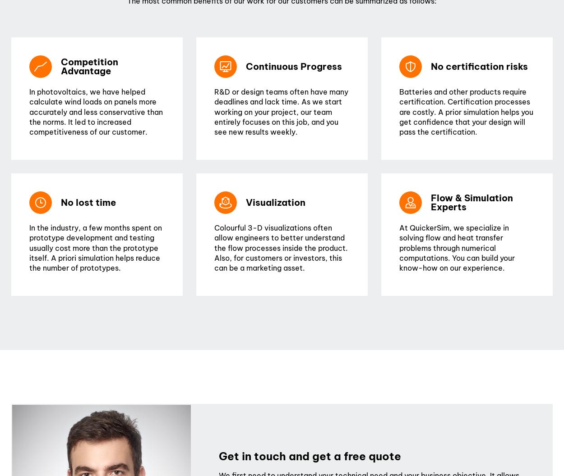 The image size is (564, 476). I want to click on 'Get in touch and get a free quote', so click(310, 456).